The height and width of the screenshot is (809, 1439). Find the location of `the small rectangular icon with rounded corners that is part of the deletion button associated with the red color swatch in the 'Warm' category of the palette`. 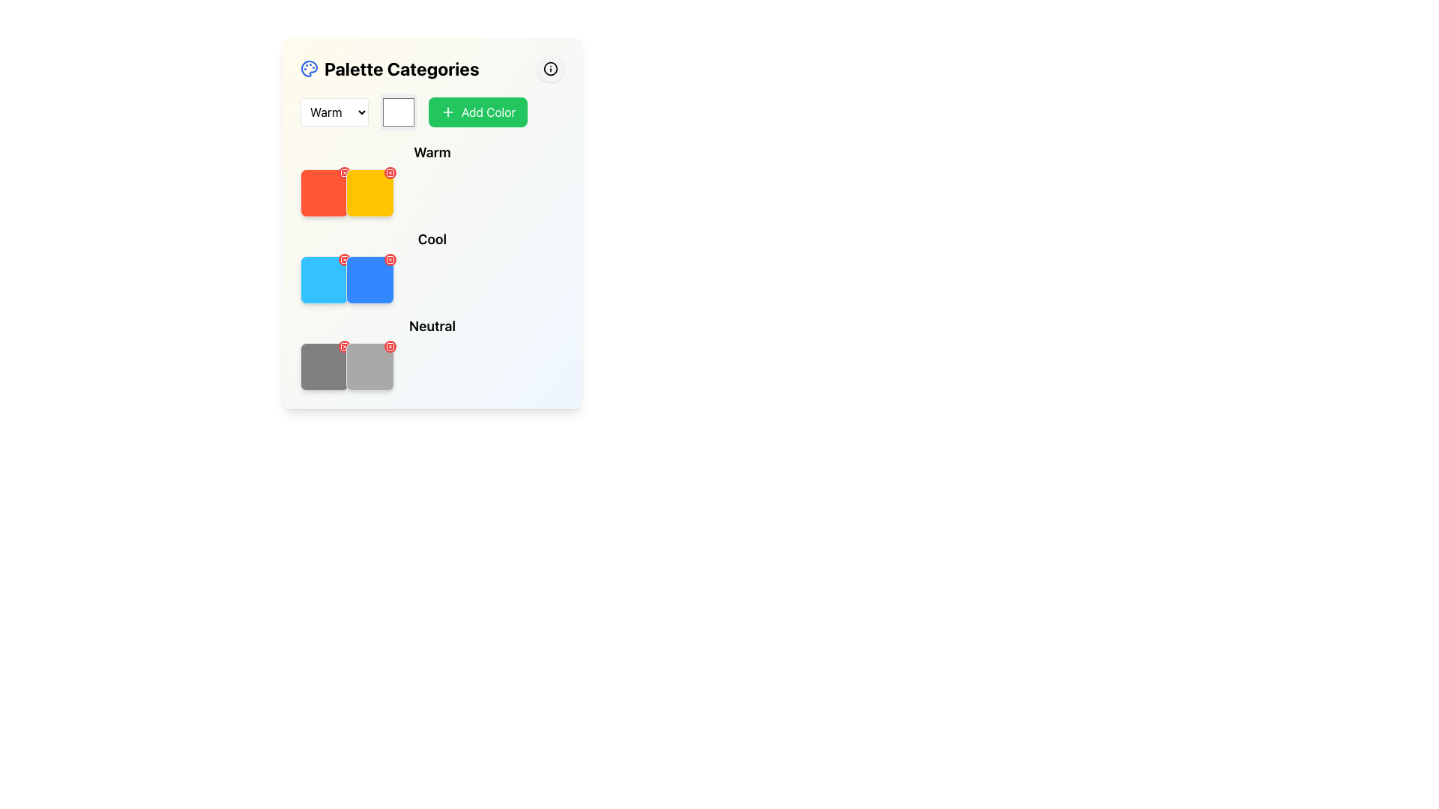

the small rectangular icon with rounded corners that is part of the deletion button associated with the red color swatch in the 'Warm' category of the palette is located at coordinates (344, 172).